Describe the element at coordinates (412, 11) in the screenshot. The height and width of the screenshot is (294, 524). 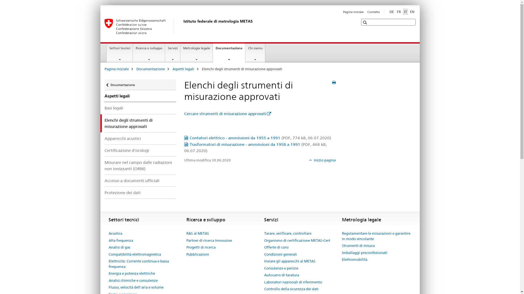
I see `'EN'` at that location.